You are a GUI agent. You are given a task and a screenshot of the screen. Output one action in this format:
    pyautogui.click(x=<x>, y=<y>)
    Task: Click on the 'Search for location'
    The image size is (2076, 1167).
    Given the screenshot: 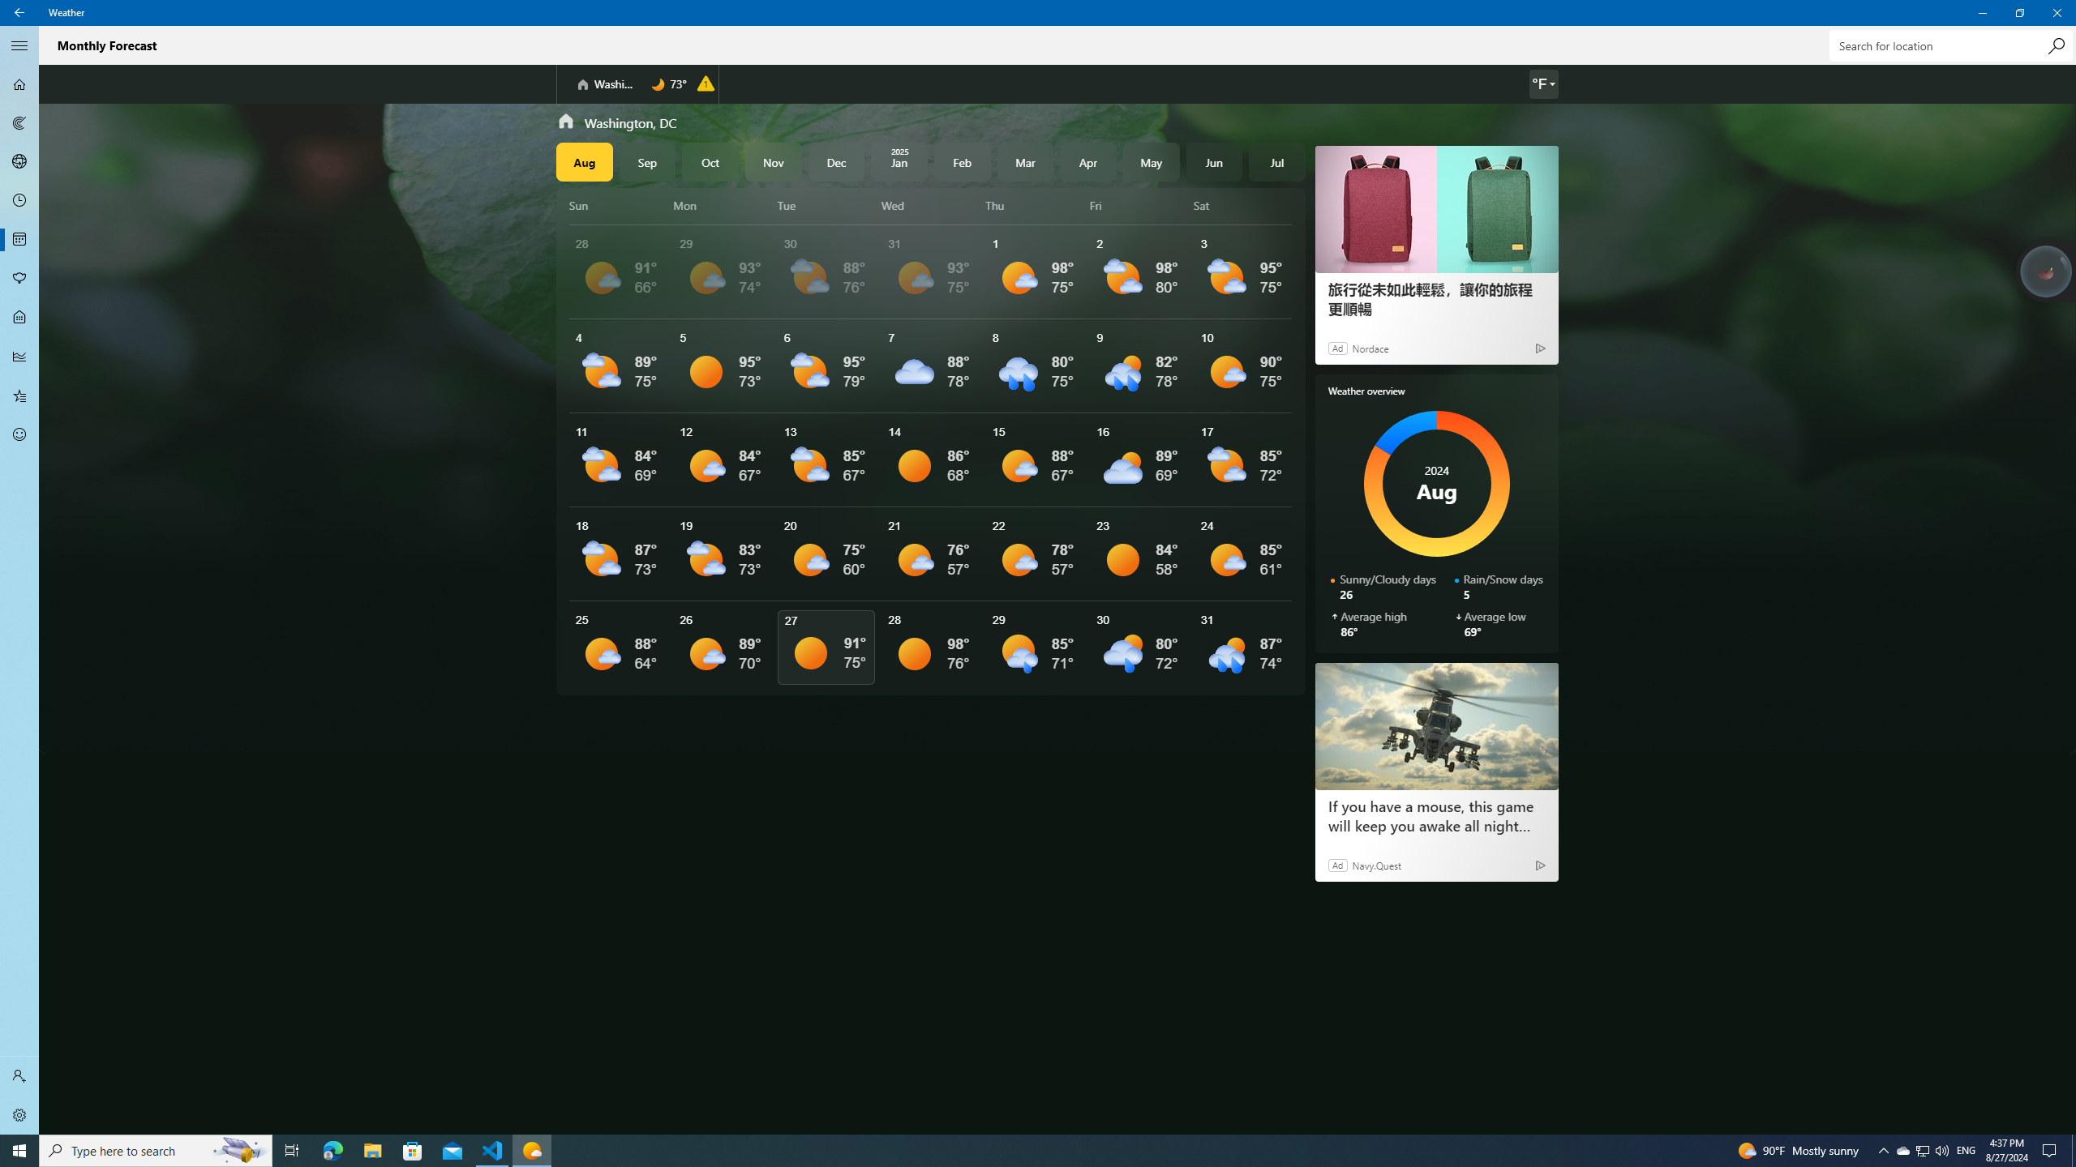 What is the action you would take?
    pyautogui.click(x=1950, y=45)
    